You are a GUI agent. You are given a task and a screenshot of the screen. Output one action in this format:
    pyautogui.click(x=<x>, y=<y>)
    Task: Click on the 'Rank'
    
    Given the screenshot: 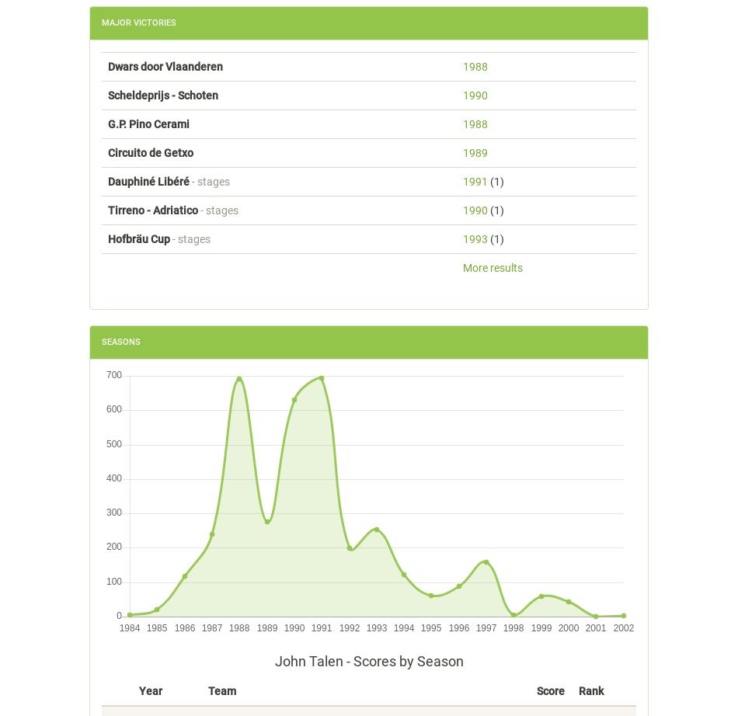 What is the action you would take?
    pyautogui.click(x=590, y=689)
    